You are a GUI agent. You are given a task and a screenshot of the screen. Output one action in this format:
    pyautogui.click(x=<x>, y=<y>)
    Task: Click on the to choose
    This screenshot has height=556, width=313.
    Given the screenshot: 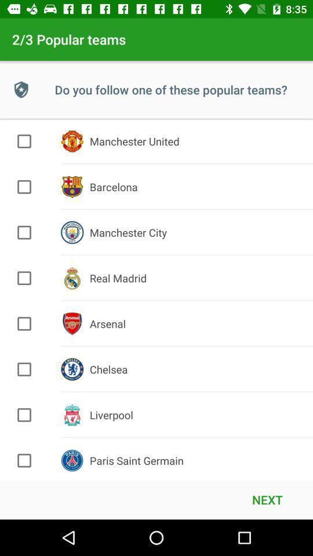 What is the action you would take?
    pyautogui.click(x=24, y=324)
    